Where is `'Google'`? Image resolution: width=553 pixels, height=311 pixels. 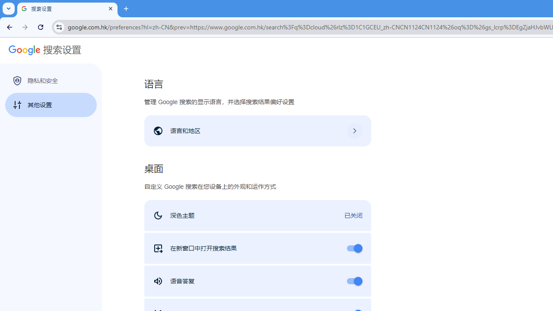 'Google' is located at coordinates (21, 51).